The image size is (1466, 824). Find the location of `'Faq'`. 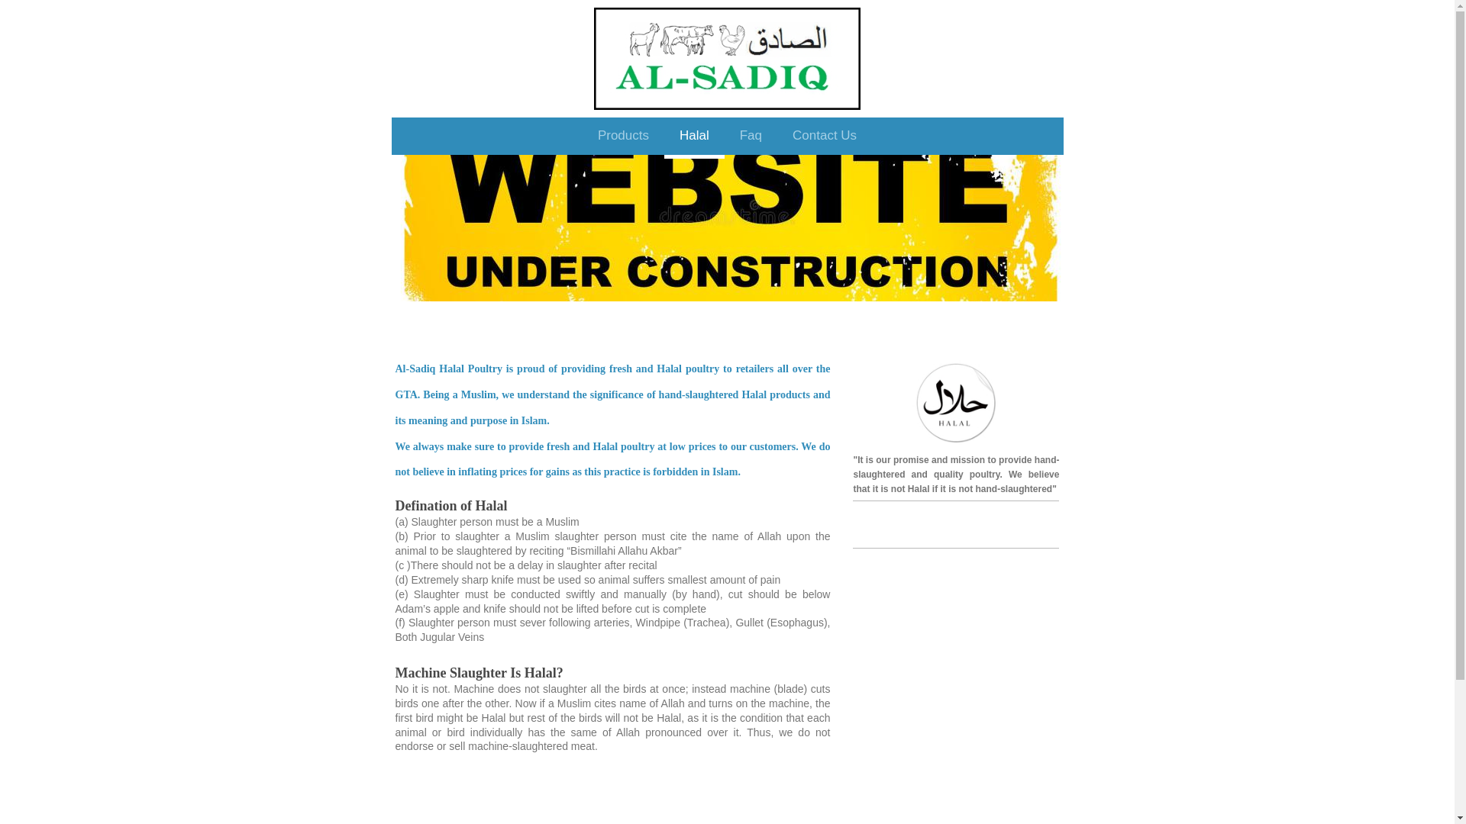

'Faq' is located at coordinates (724, 138).